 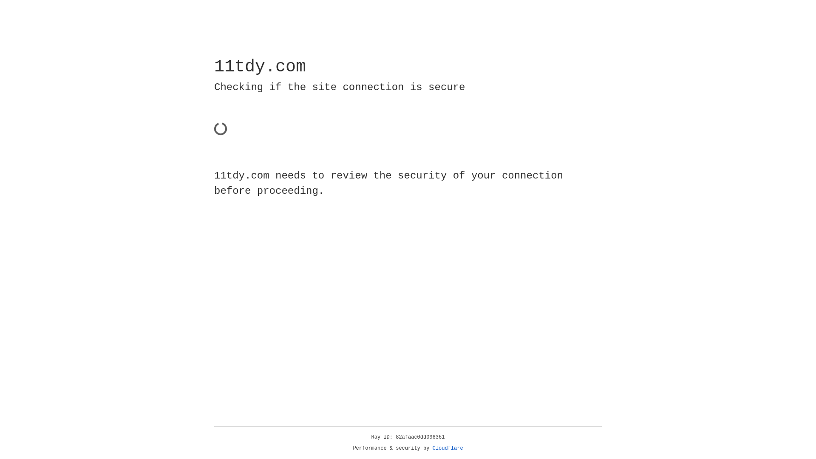 What do you see at coordinates (448, 448) in the screenshot?
I see `'Cloudflare'` at bounding box center [448, 448].